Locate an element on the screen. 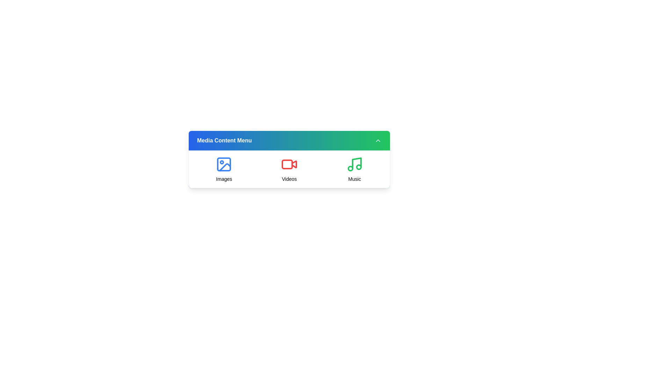 Image resolution: width=671 pixels, height=377 pixels. the media option icon for Images is located at coordinates (224, 169).